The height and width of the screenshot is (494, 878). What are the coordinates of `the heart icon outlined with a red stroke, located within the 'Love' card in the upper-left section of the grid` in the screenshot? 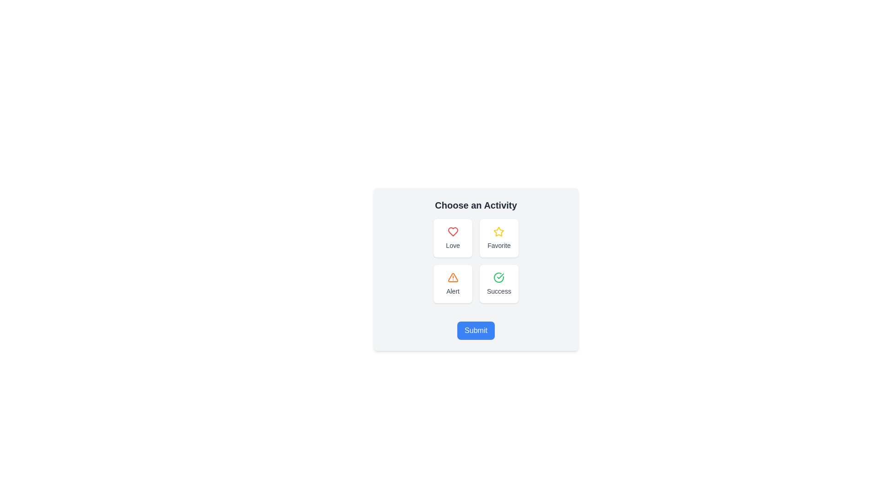 It's located at (453, 231).